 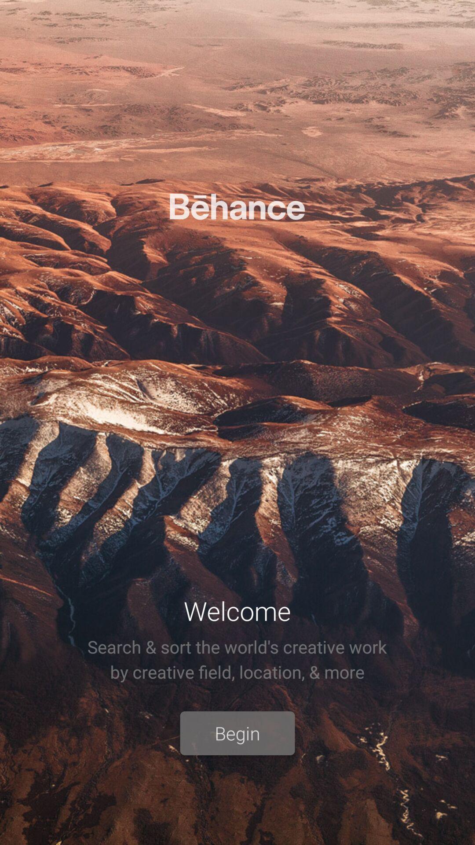 What do you see at coordinates (237, 733) in the screenshot?
I see `icon below search sort the icon` at bounding box center [237, 733].